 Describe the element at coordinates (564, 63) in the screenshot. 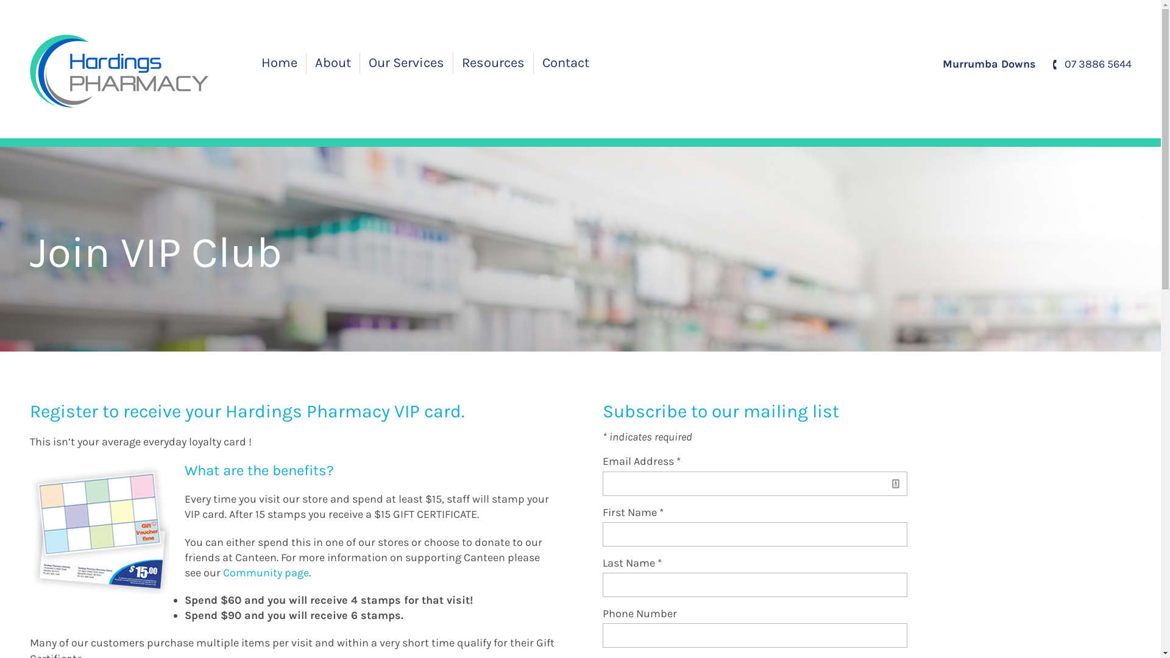

I see `'Contact'` at that location.